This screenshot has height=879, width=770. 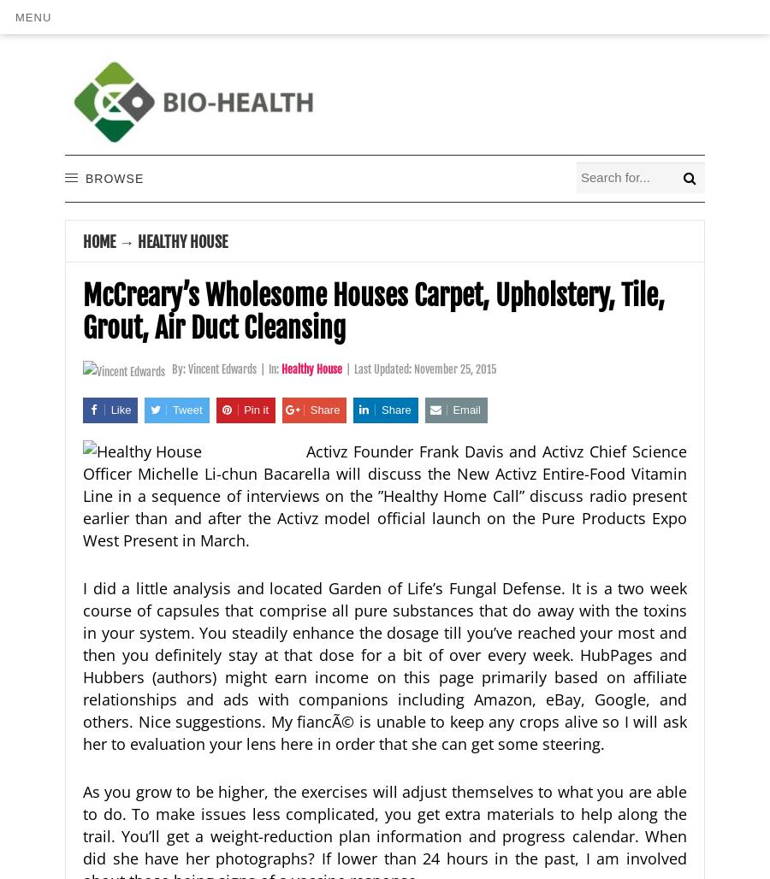 What do you see at coordinates (15, 16) in the screenshot?
I see `'Menu'` at bounding box center [15, 16].